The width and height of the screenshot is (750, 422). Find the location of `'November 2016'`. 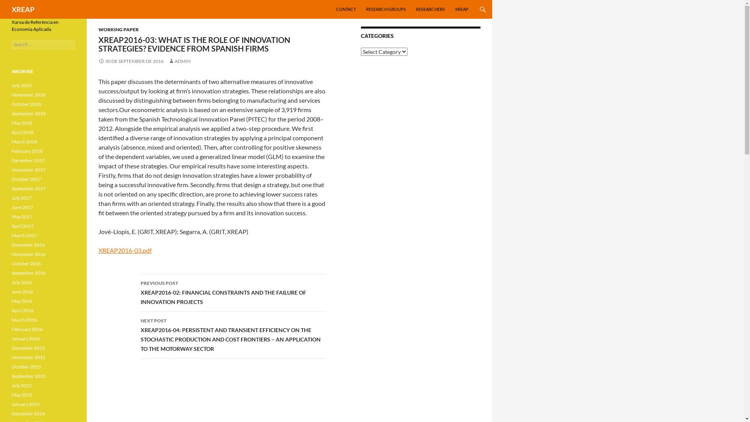

'November 2016' is located at coordinates (28, 254).